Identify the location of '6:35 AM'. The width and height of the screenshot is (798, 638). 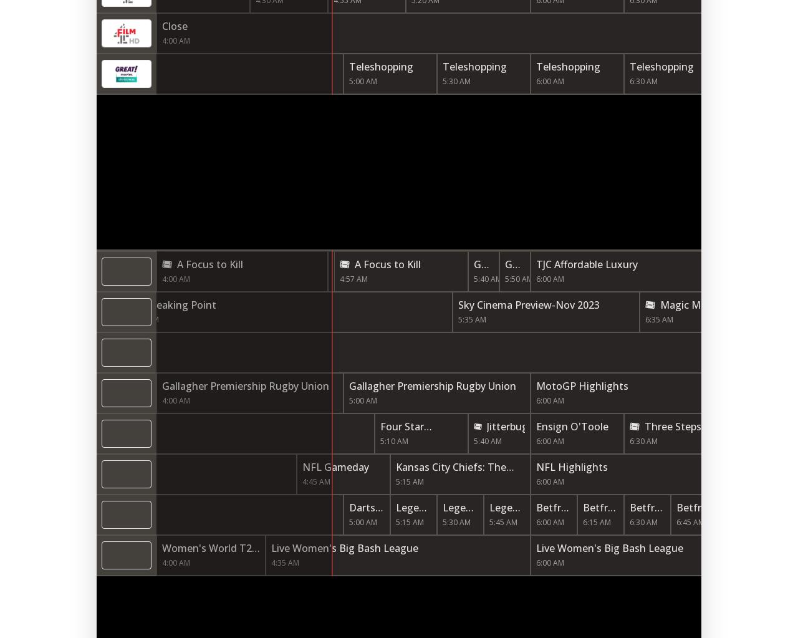
(658, 319).